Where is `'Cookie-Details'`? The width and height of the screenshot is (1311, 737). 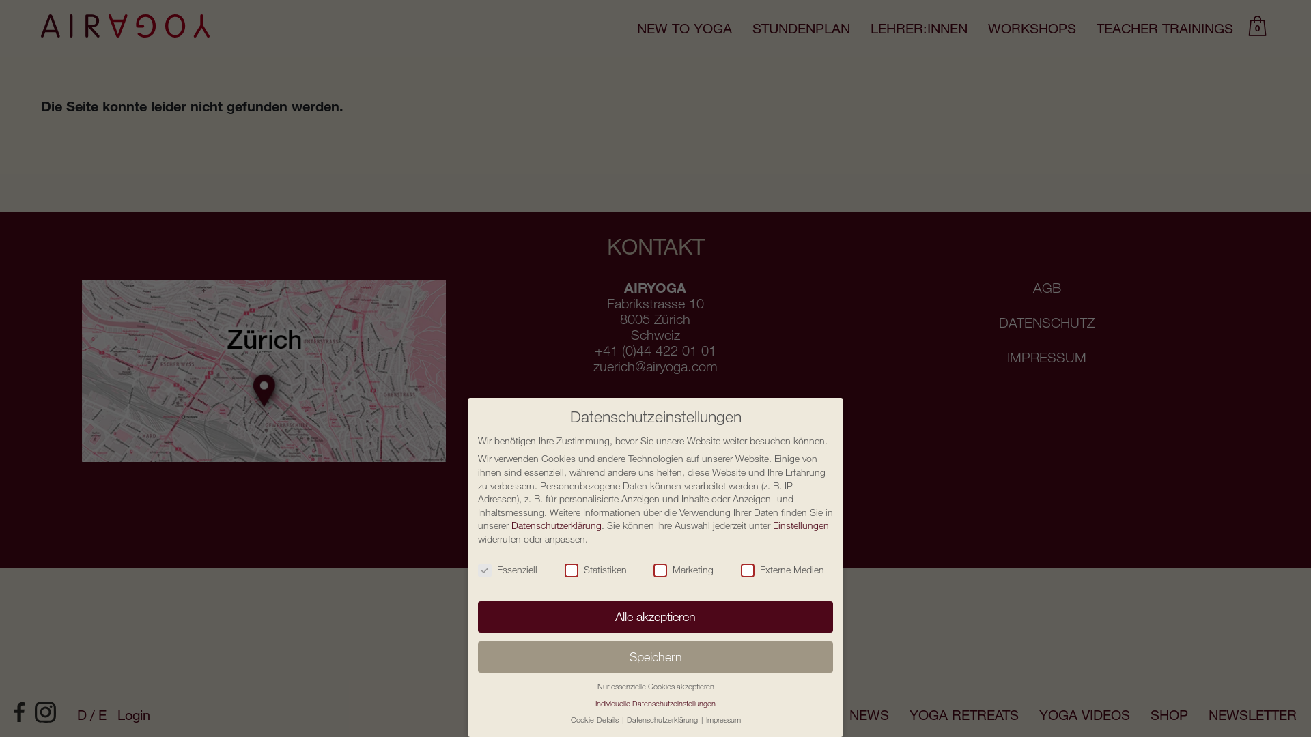
'Cookie-Details' is located at coordinates (595, 719).